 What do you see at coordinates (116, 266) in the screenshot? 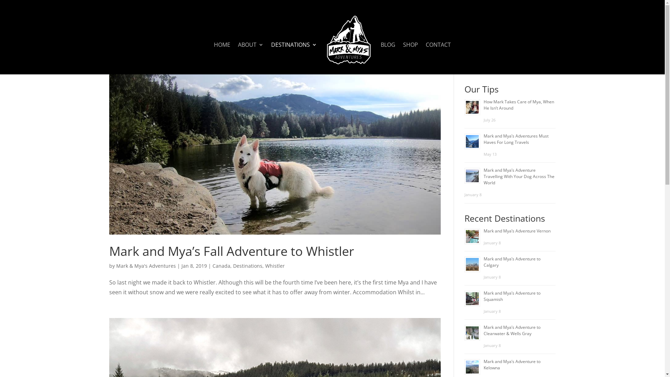
I see `'Mark & Mya's Adventures'` at bounding box center [116, 266].